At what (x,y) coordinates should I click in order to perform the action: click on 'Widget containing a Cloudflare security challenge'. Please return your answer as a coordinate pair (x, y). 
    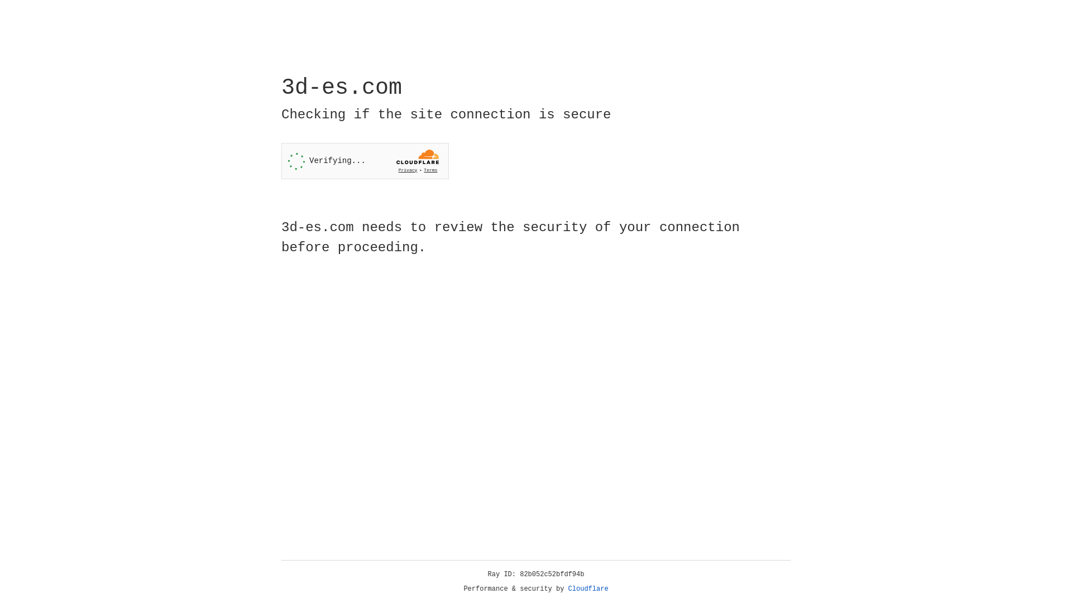
    Looking at the image, I should click on (365, 161).